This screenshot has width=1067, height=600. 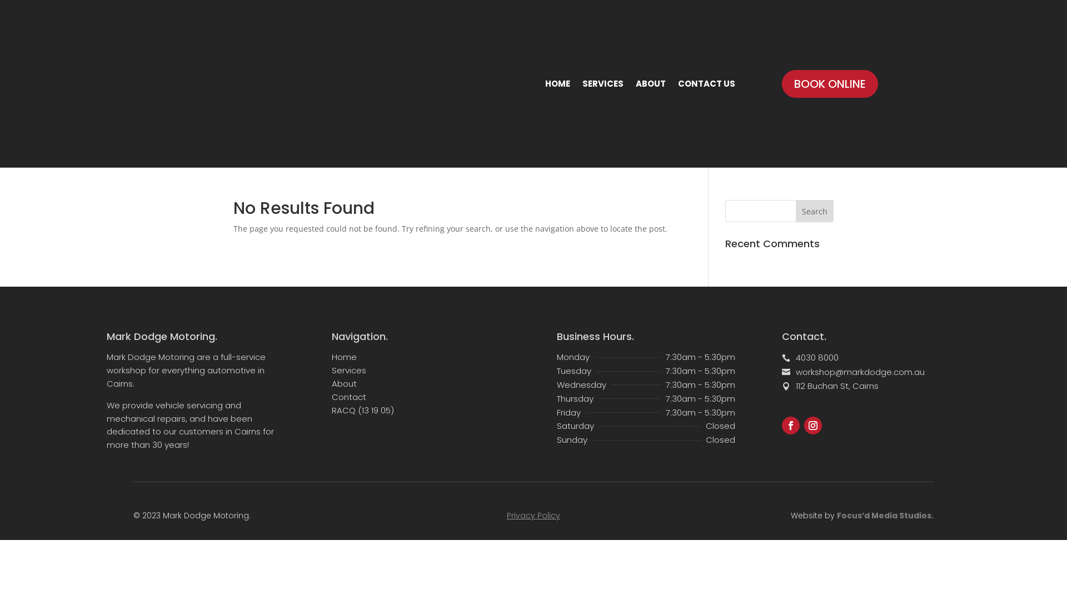 I want to click on 'SERVICES', so click(x=602, y=83).